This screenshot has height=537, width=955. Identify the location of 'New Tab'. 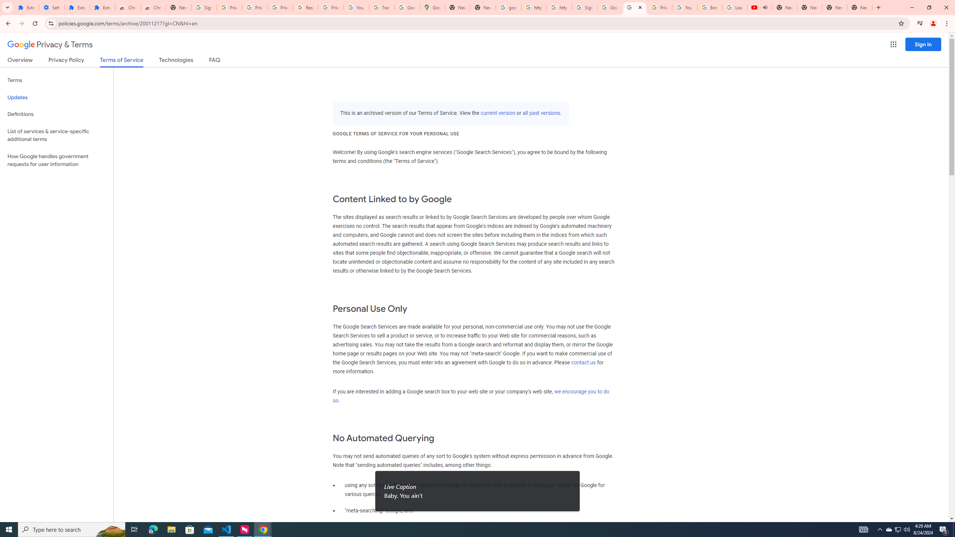
(859, 7).